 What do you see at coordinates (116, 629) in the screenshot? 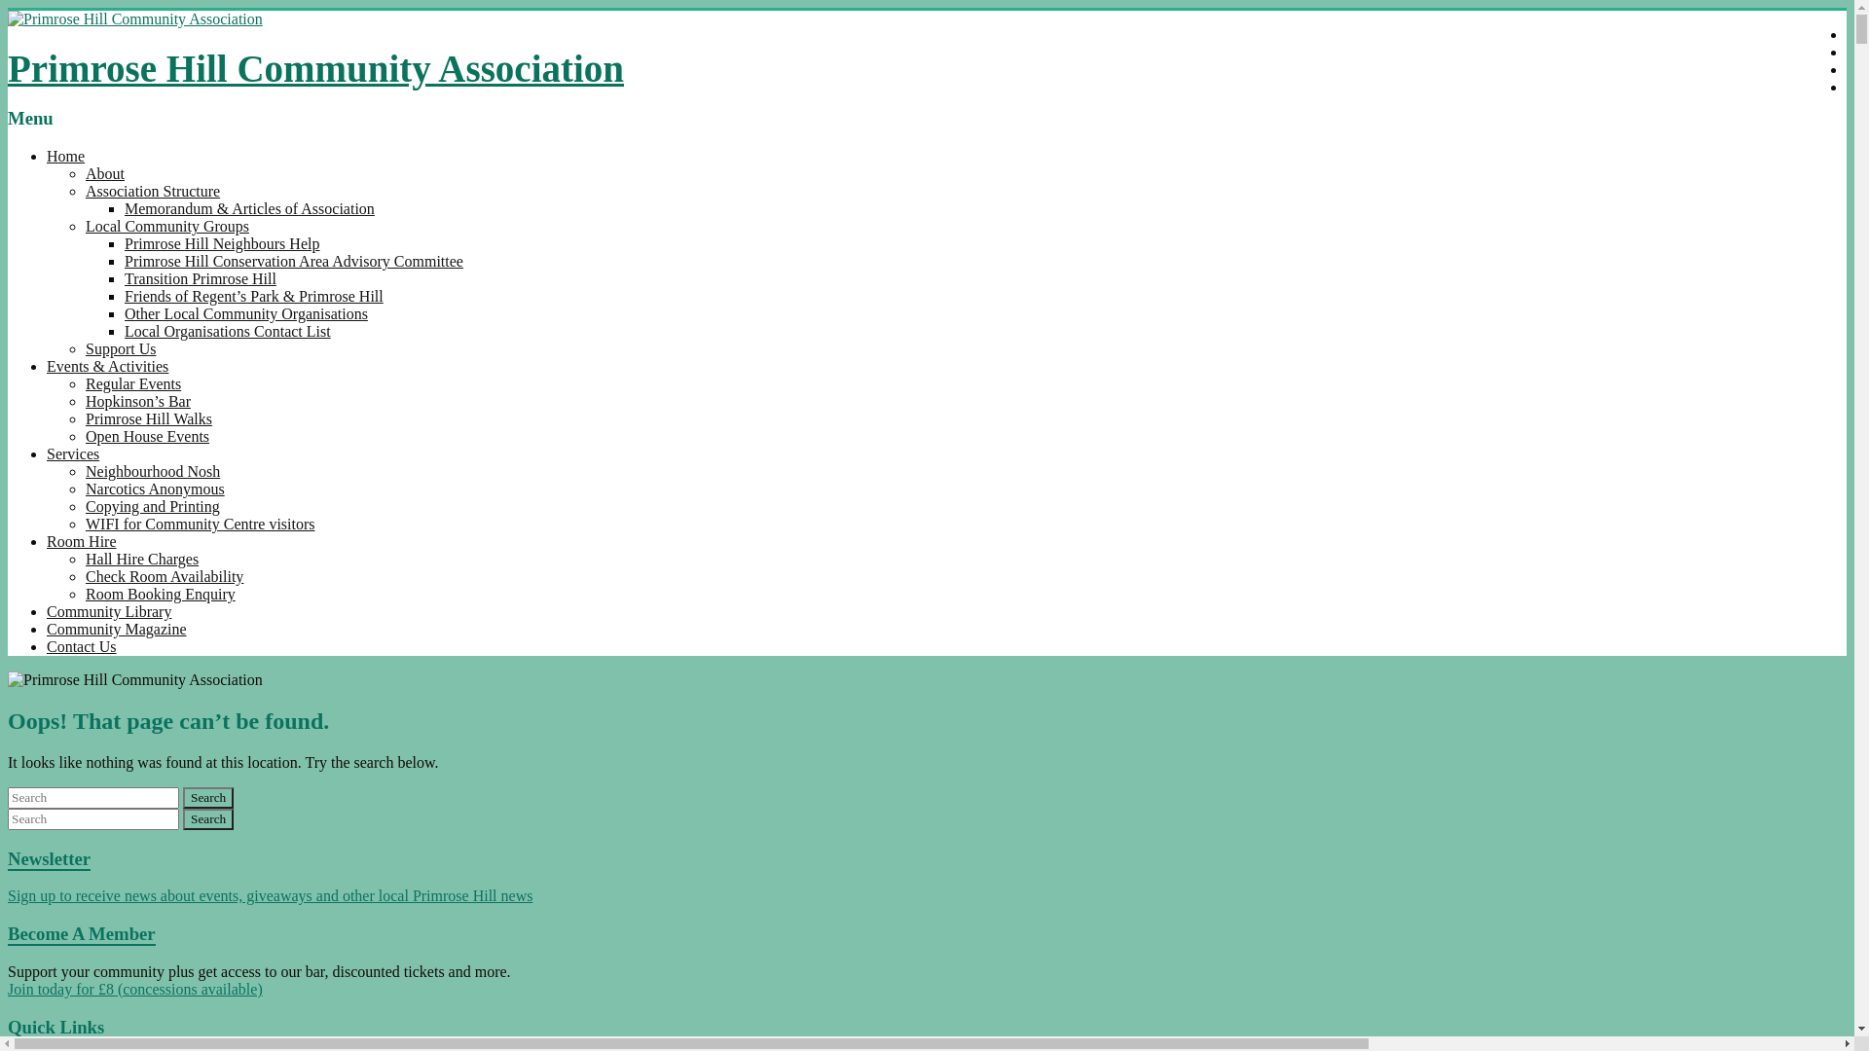
I see `'Community Magazine'` at bounding box center [116, 629].